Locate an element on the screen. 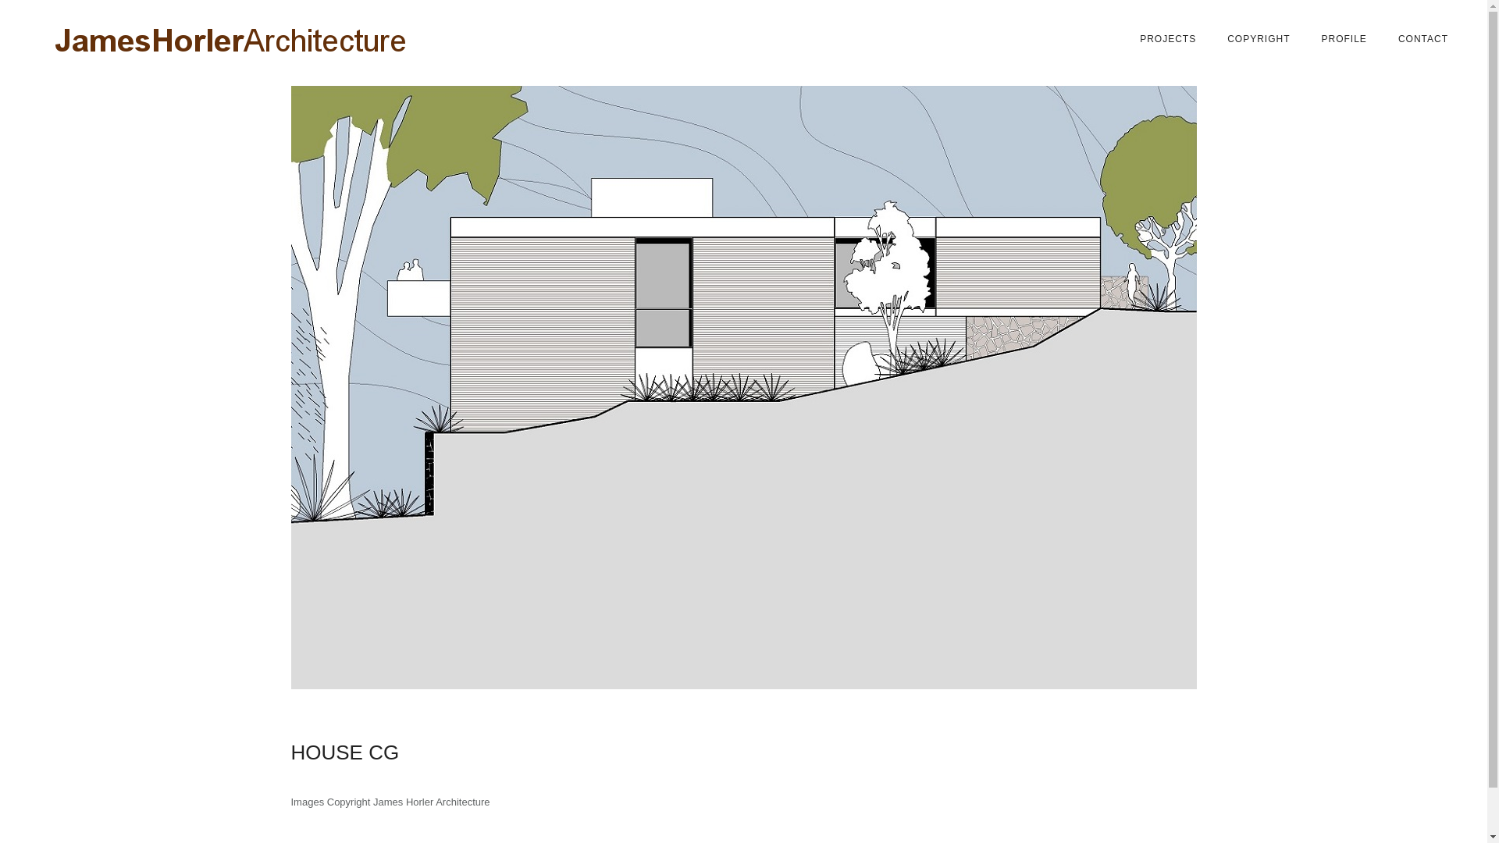 This screenshot has width=1499, height=843. 'CONTACT' is located at coordinates (1423, 38).